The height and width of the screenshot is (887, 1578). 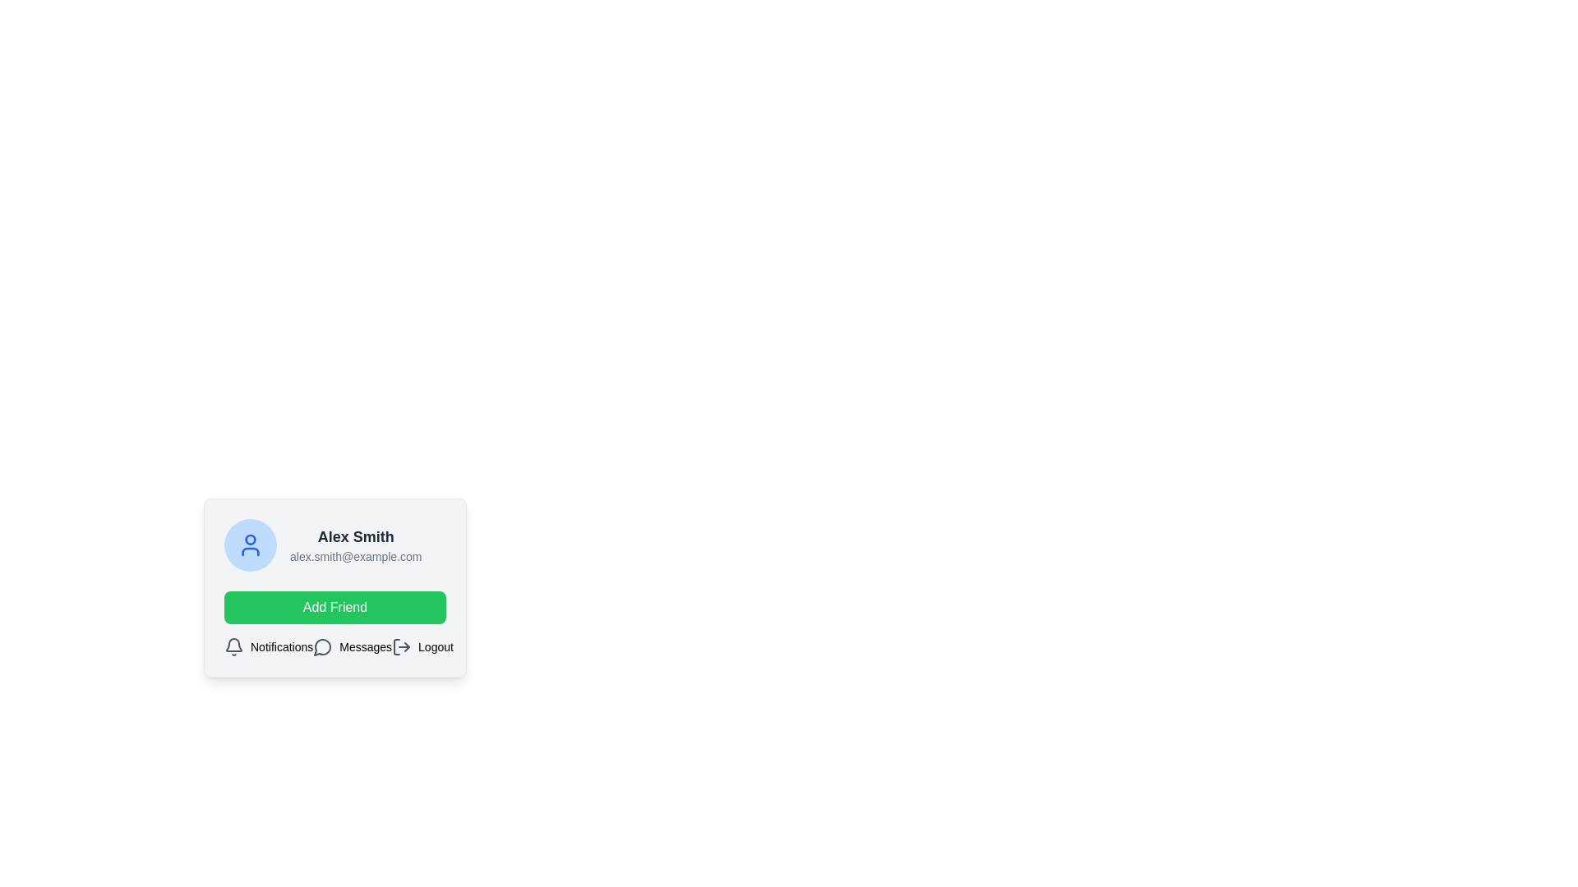 I want to click on the Message Indicator icon, so click(x=323, y=646).